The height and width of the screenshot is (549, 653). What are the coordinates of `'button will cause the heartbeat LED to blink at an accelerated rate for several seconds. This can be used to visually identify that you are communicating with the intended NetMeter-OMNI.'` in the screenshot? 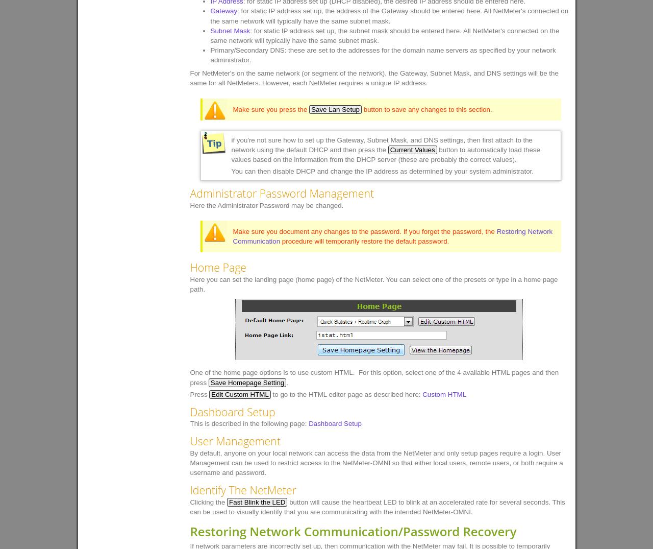 It's located at (376, 506).